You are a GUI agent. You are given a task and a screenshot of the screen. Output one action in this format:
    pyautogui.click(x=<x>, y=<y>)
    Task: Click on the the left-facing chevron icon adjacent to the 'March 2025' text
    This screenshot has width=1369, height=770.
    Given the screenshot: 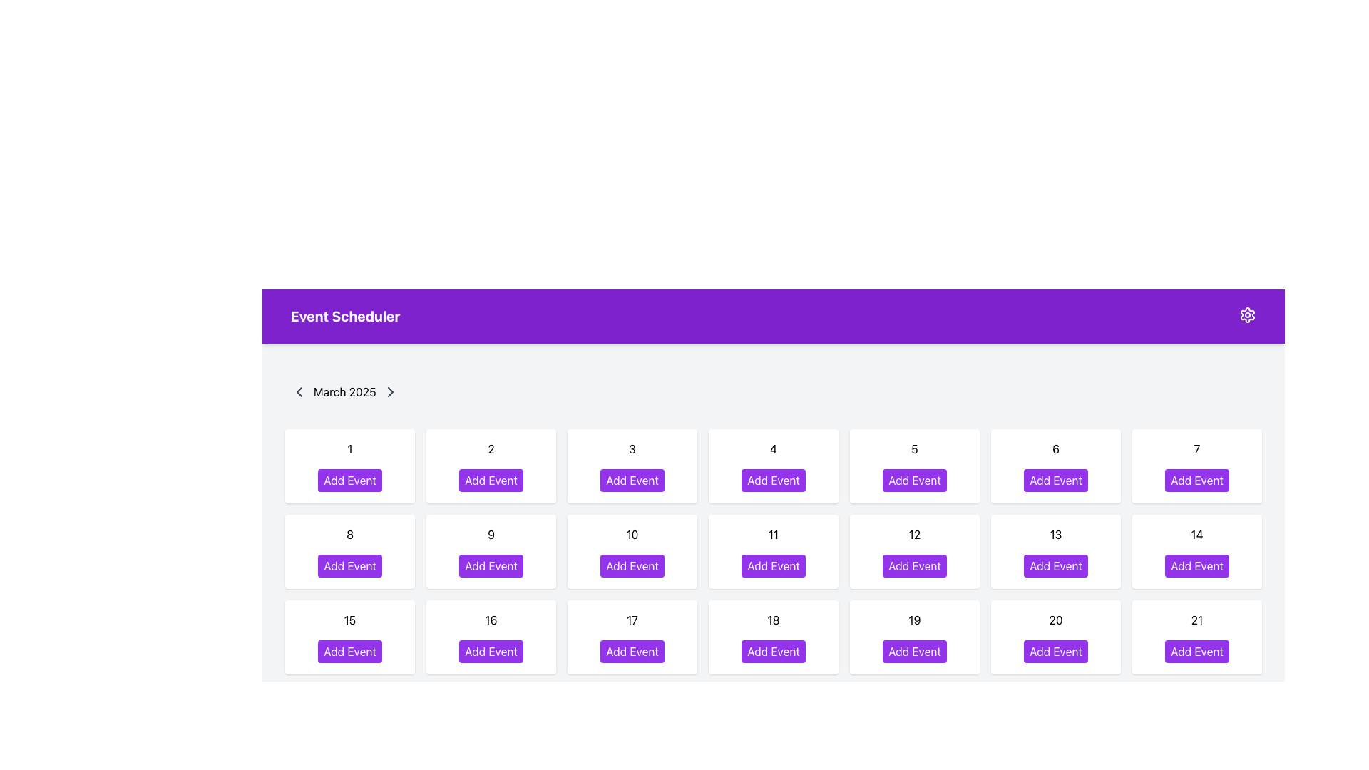 What is the action you would take?
    pyautogui.click(x=299, y=392)
    